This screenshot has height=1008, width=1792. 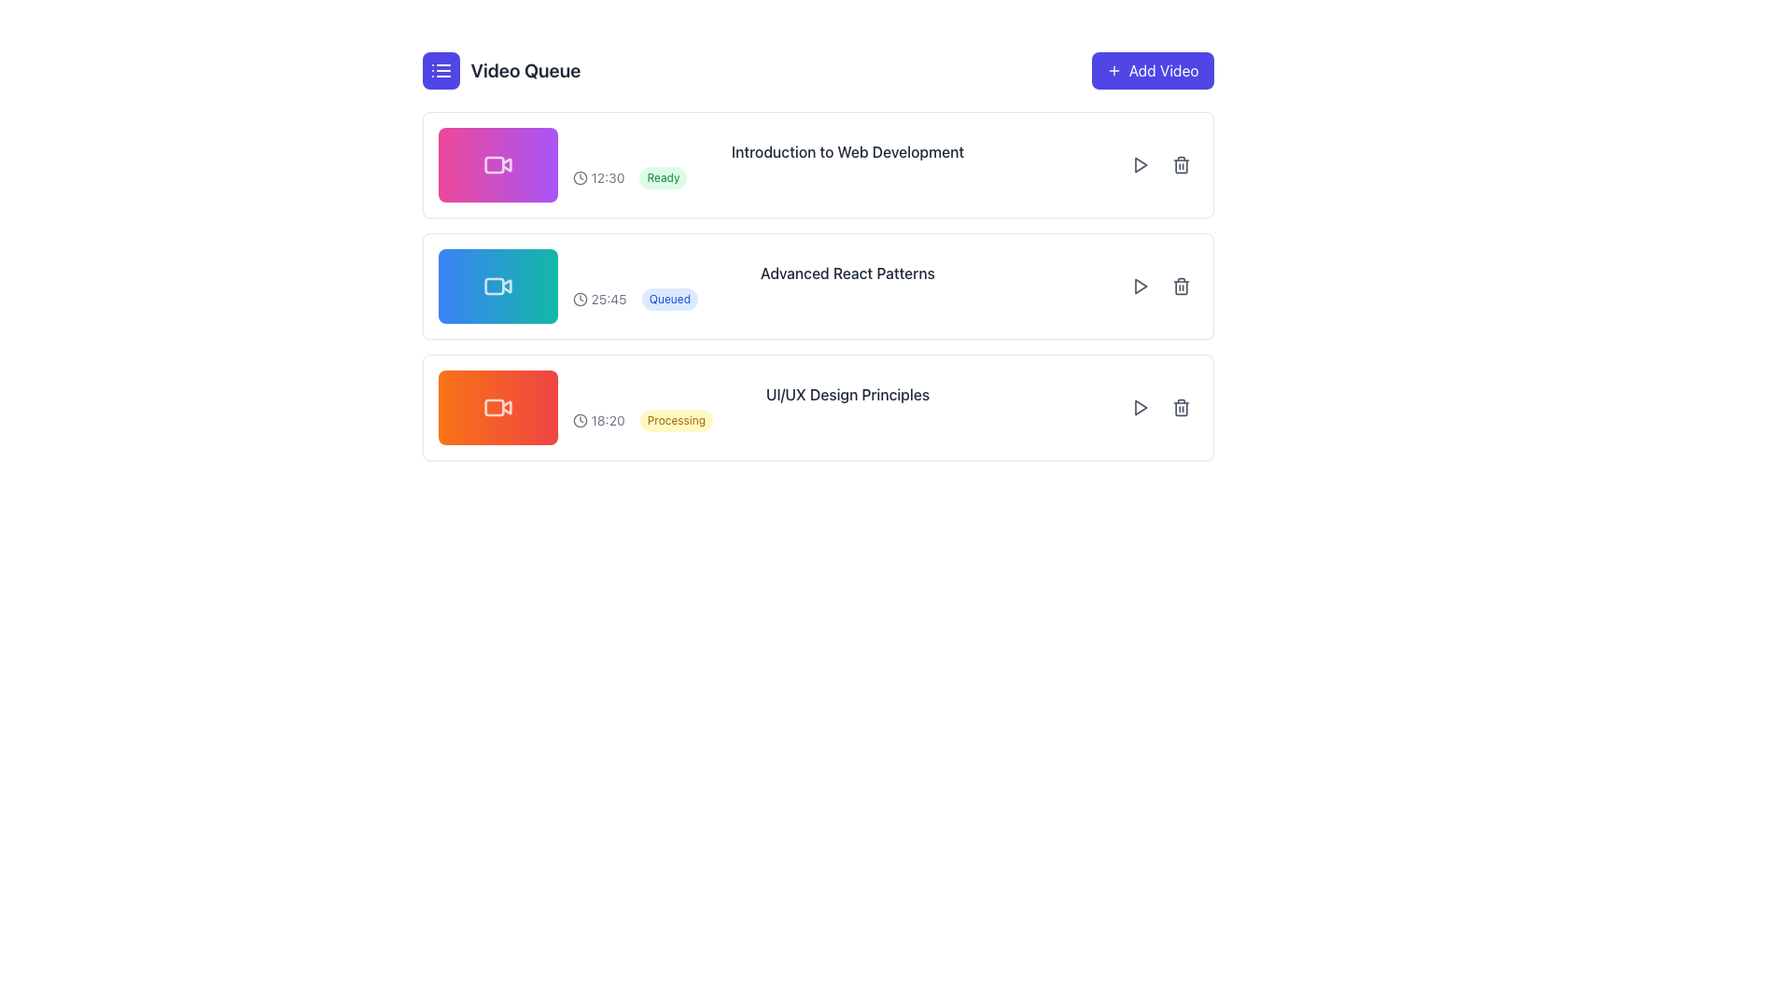 I want to click on the button labeled 'Add Video' in the upper-right corner of the interface, so click(x=1163, y=70).